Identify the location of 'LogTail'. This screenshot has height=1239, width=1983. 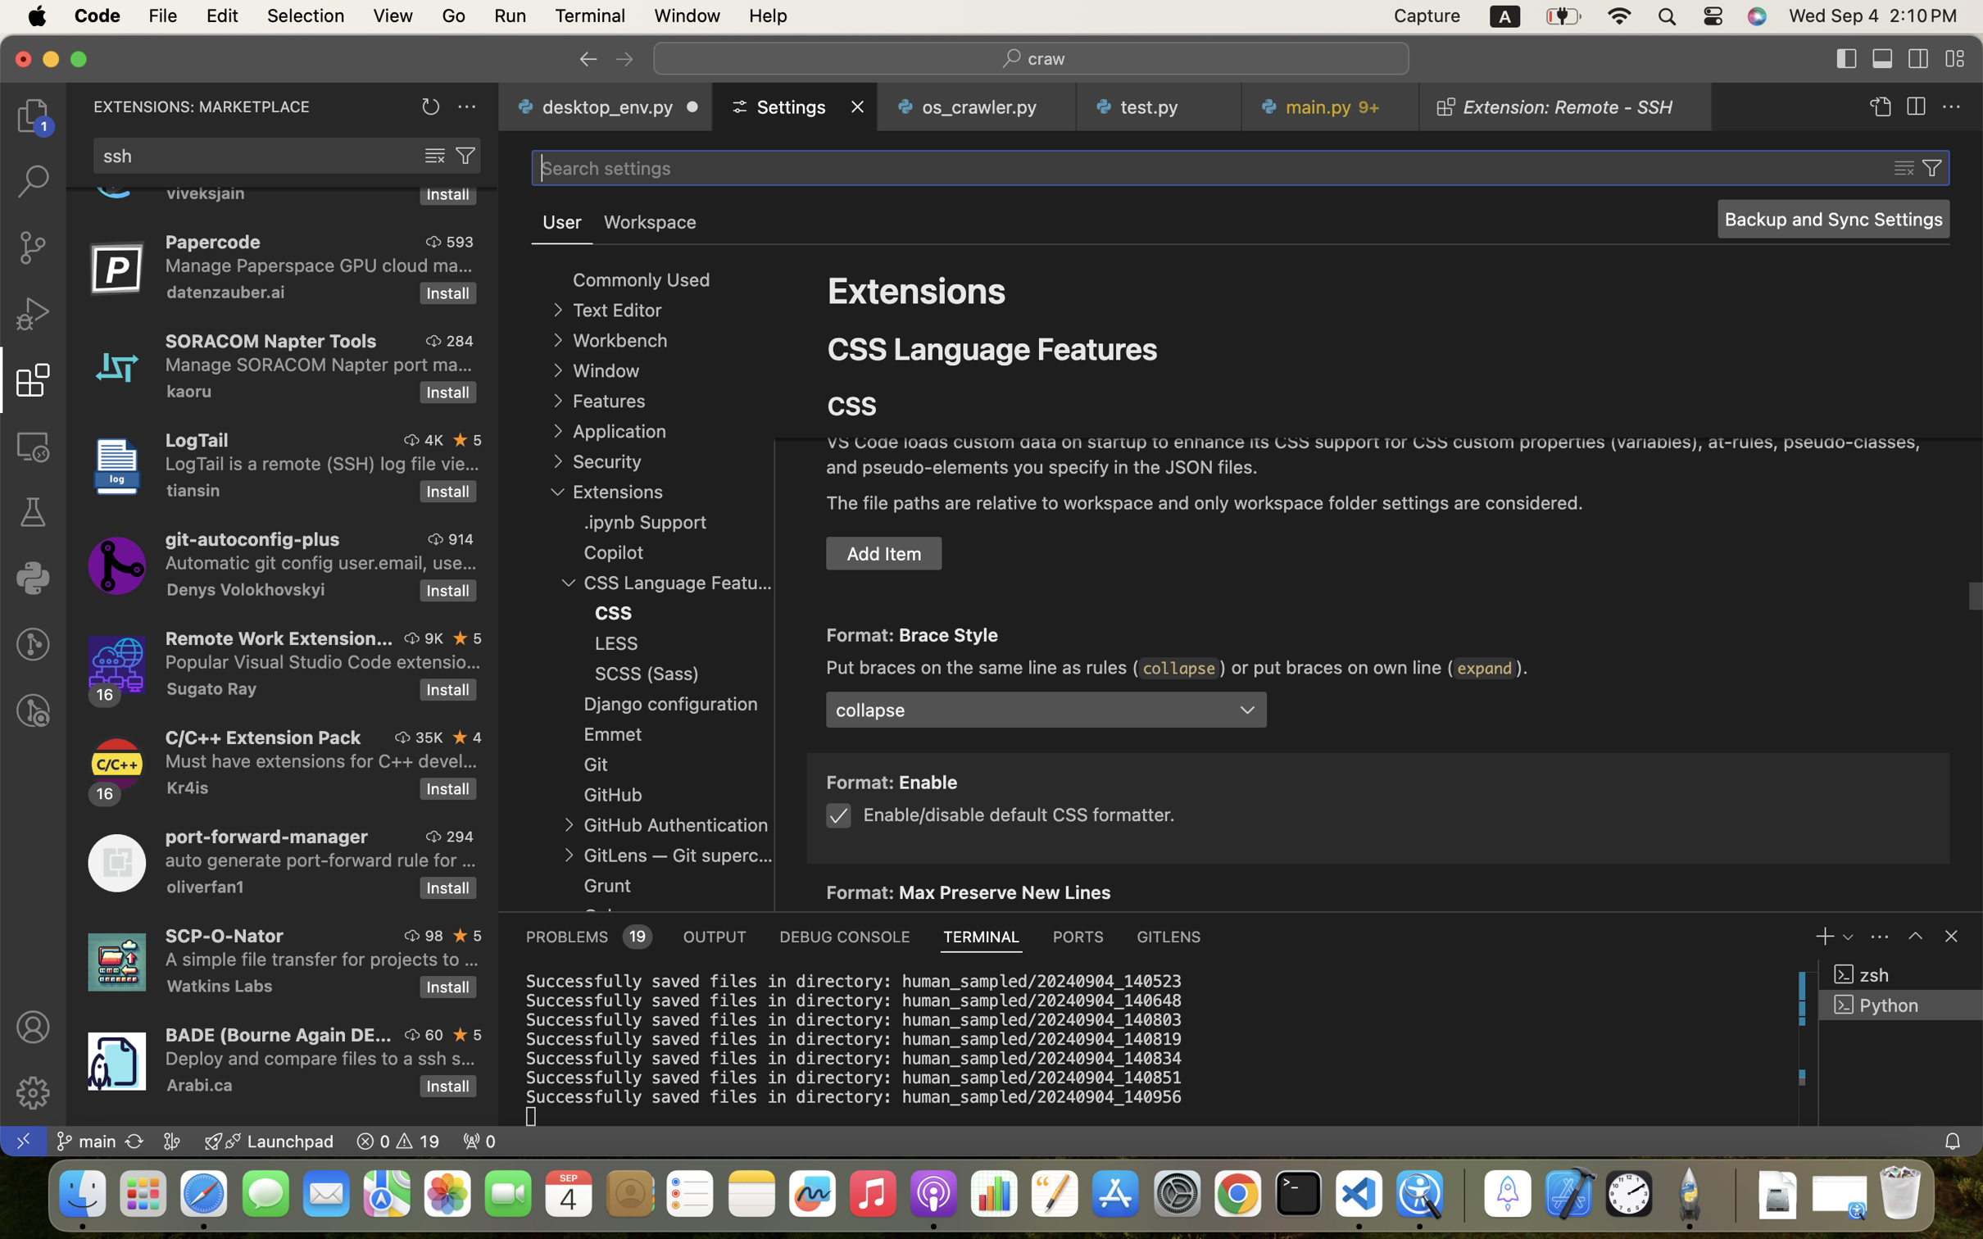
(196, 439).